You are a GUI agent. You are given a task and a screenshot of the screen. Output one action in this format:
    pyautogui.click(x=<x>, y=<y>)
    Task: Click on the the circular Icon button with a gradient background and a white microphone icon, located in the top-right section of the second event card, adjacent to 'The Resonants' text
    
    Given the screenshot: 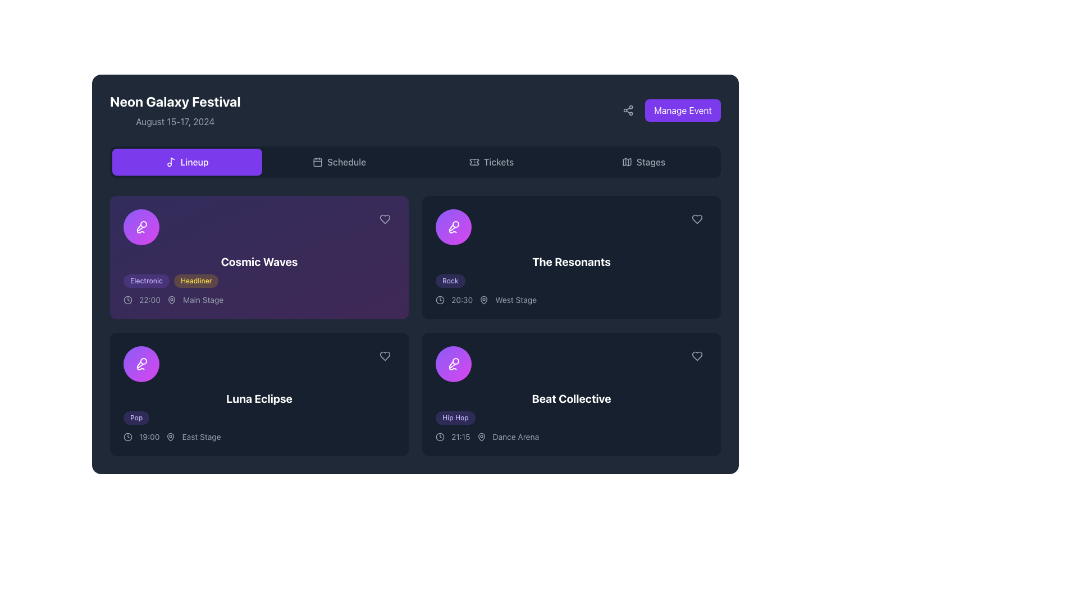 What is the action you would take?
    pyautogui.click(x=453, y=227)
    